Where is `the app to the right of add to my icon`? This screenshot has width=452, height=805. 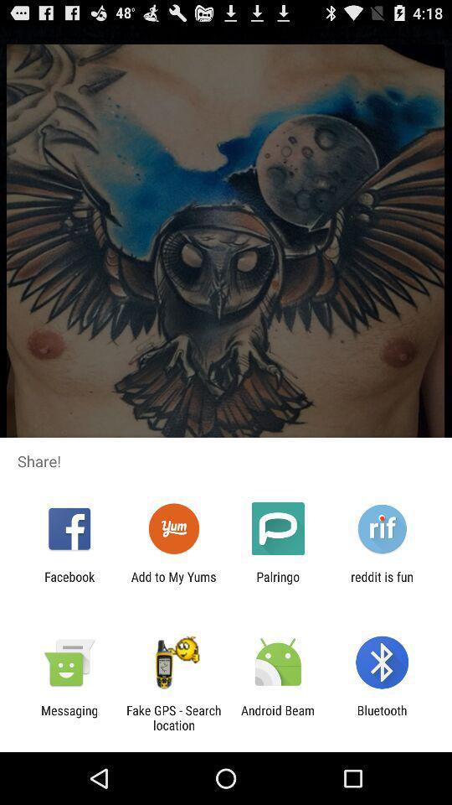
the app to the right of add to my icon is located at coordinates (278, 584).